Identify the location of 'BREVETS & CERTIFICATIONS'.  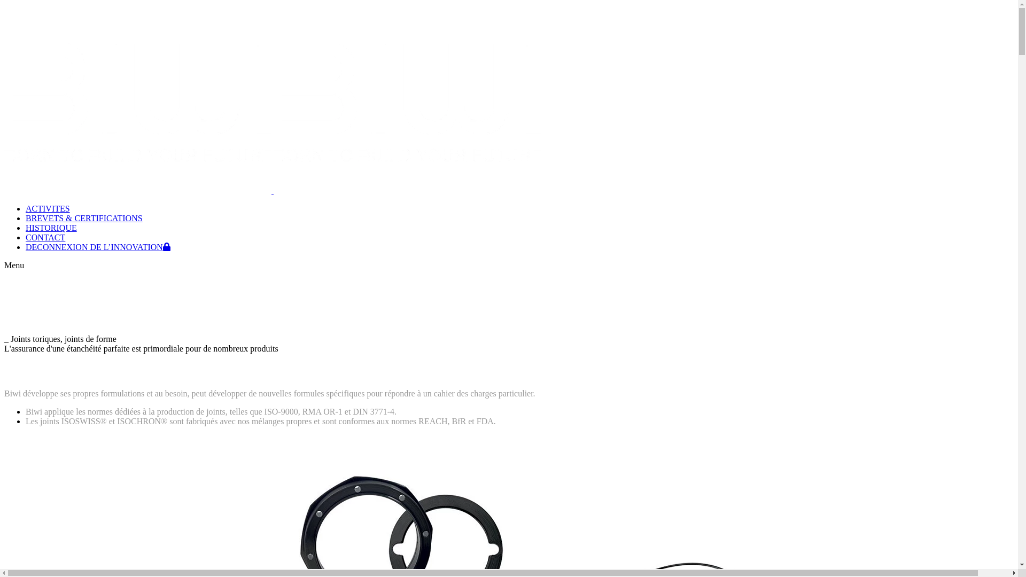
(83, 217).